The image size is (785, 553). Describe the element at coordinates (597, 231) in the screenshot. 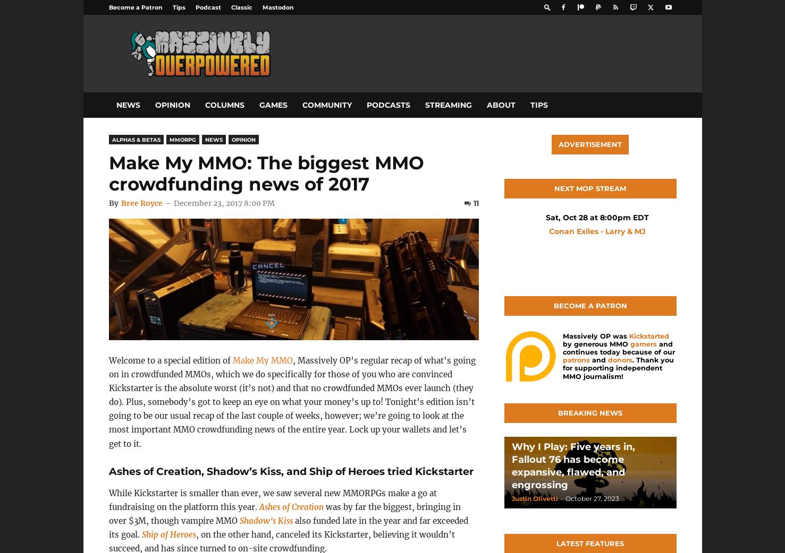

I see `'Conan Exiles - Larry & MJ'` at that location.